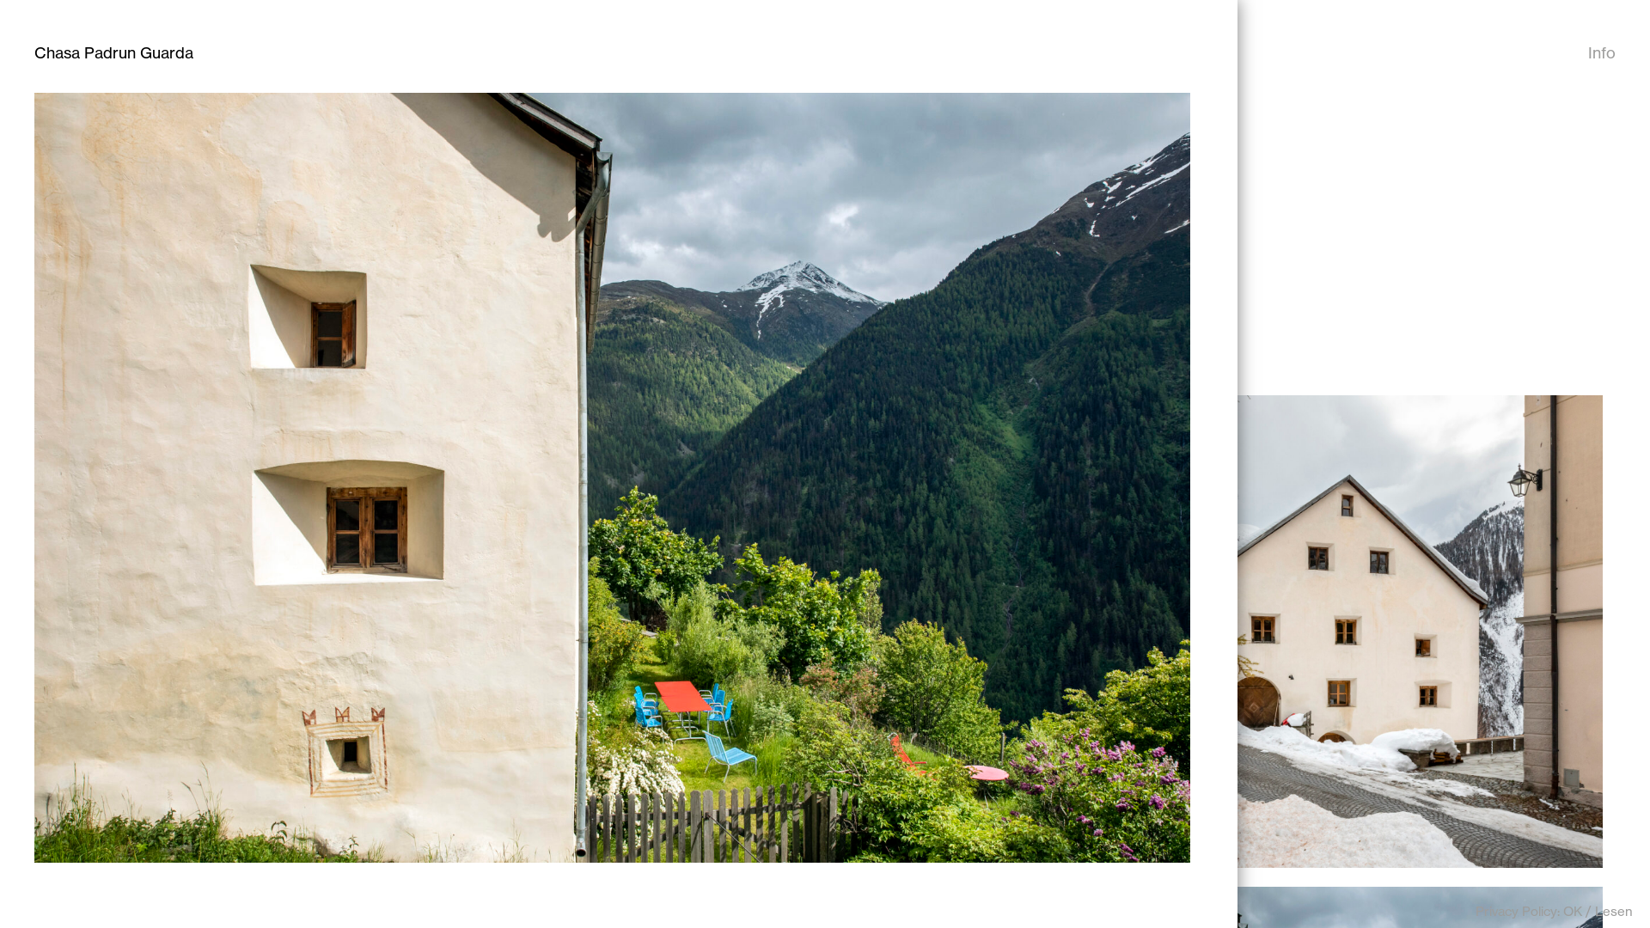 Image resolution: width=1650 pixels, height=928 pixels. Describe the element at coordinates (1612, 910) in the screenshot. I see `'Lesen'` at that location.